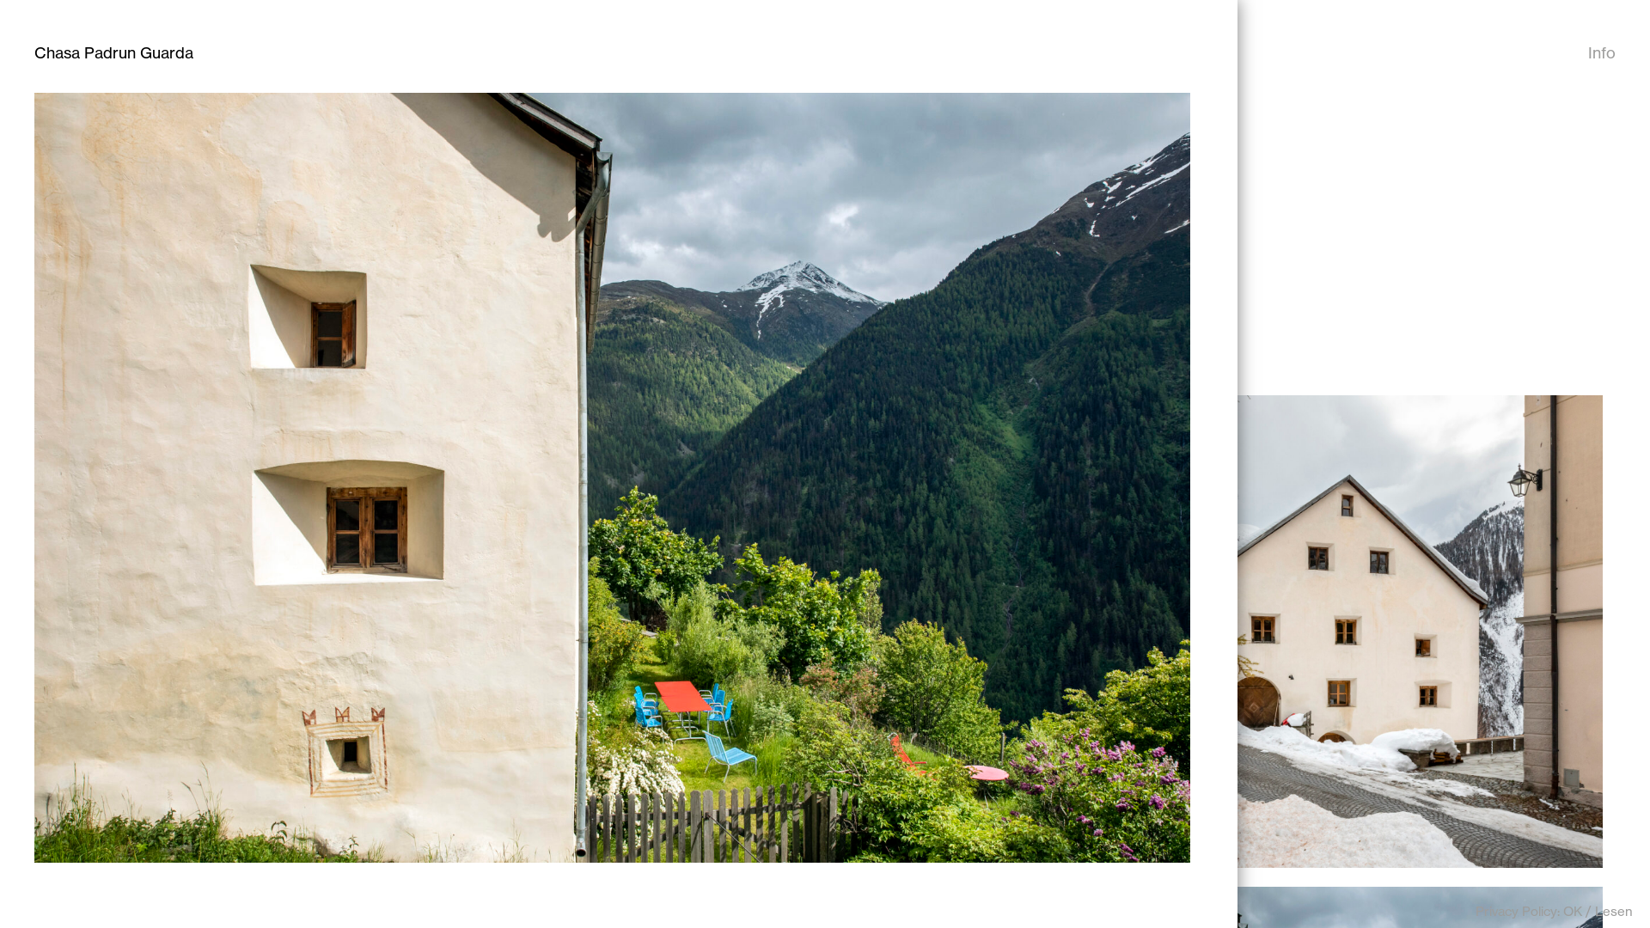 Image resolution: width=1650 pixels, height=928 pixels. Describe the element at coordinates (1612, 910) in the screenshot. I see `'Lesen'` at that location.